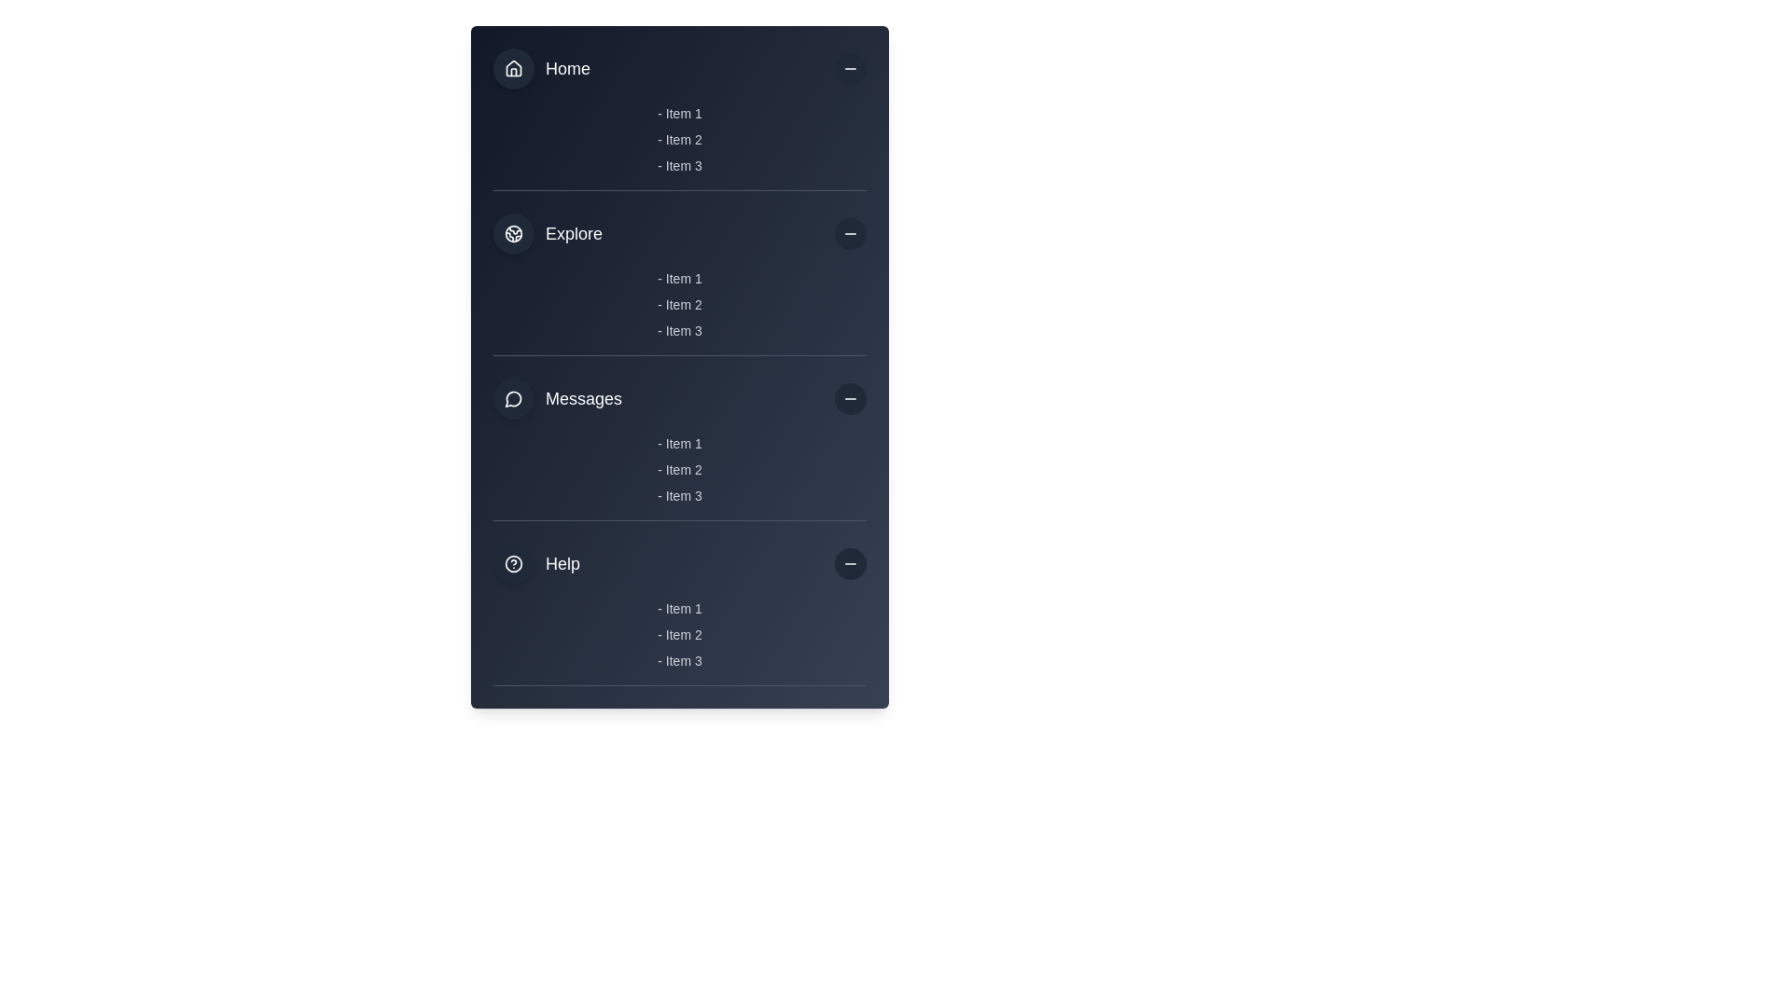  What do you see at coordinates (514, 67) in the screenshot?
I see `the non-interactive 'Home' icon representation in the sidebar menu, which is part of an SVG group` at bounding box center [514, 67].